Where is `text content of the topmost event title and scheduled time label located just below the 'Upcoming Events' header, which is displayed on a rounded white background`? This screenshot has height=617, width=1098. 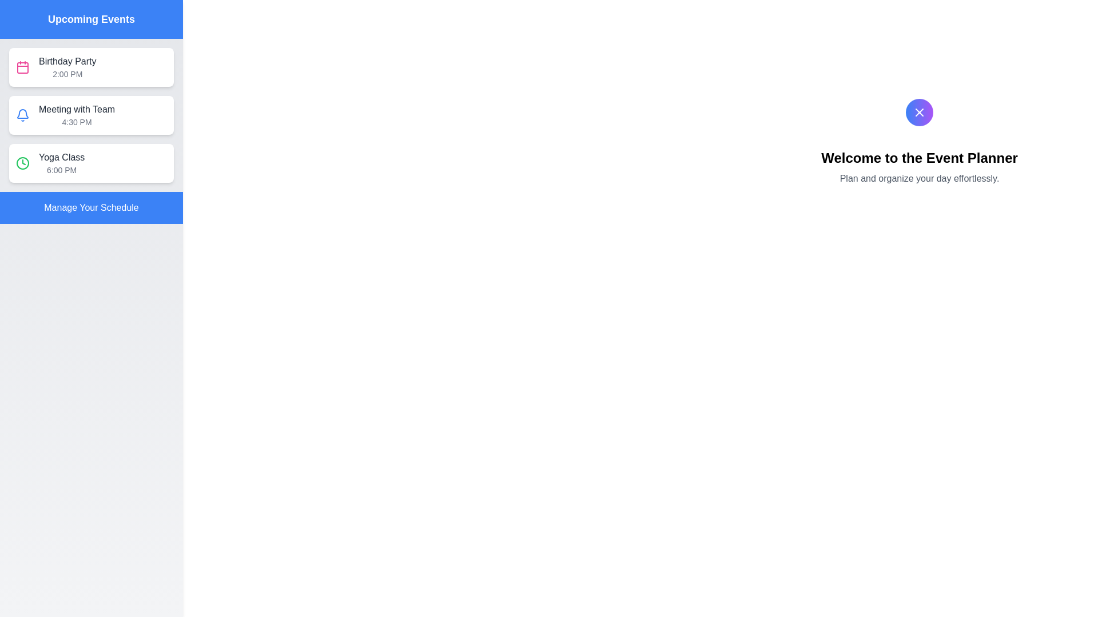 text content of the topmost event title and scheduled time label located just below the 'Upcoming Events' header, which is displayed on a rounded white background is located at coordinates (67, 67).